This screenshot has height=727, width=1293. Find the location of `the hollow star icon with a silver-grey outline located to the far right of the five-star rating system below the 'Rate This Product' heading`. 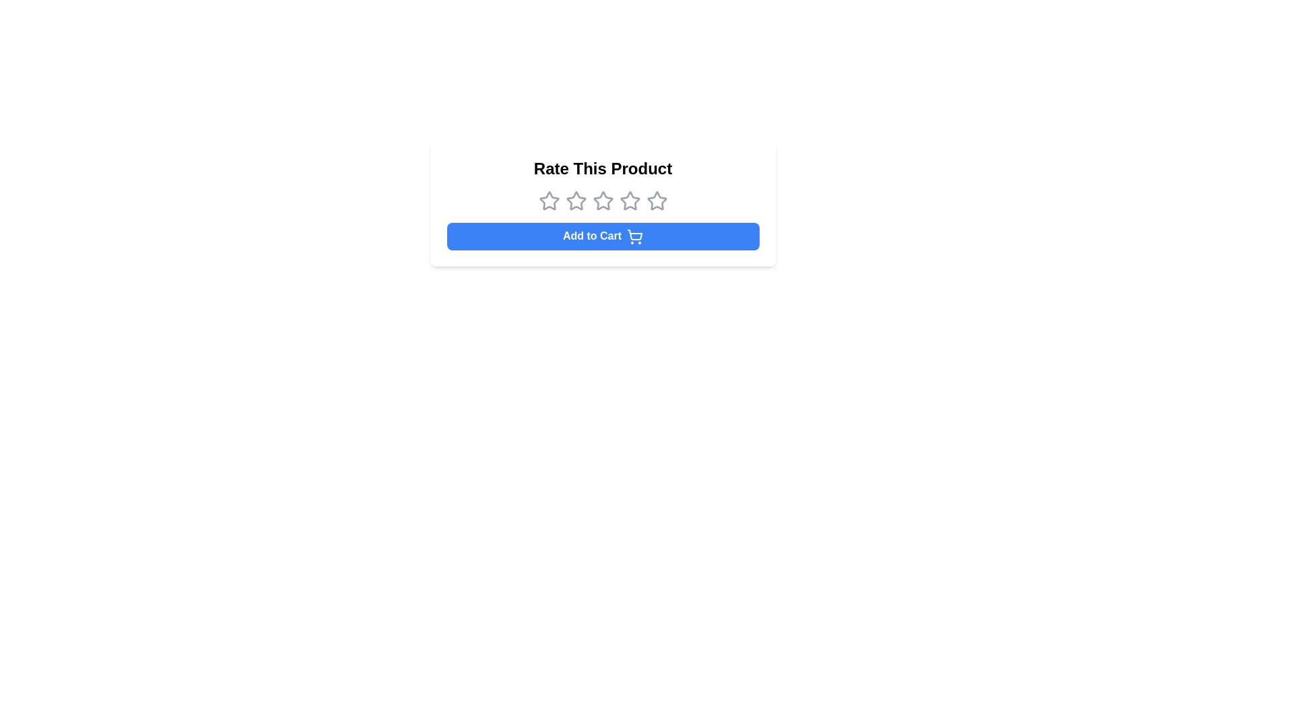

the hollow star icon with a silver-grey outline located to the far right of the five-star rating system below the 'Rate This Product' heading is located at coordinates (657, 201).